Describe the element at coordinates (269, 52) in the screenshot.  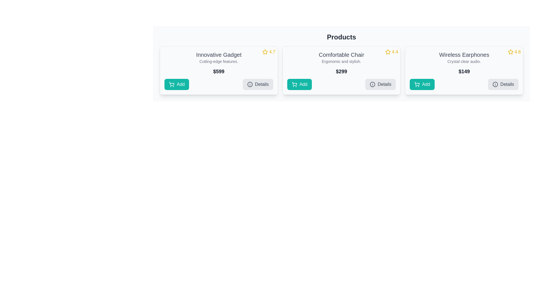
I see `rating displayed on the star icon in the top-right corner of the product card, which shows a score of 4.7` at that location.